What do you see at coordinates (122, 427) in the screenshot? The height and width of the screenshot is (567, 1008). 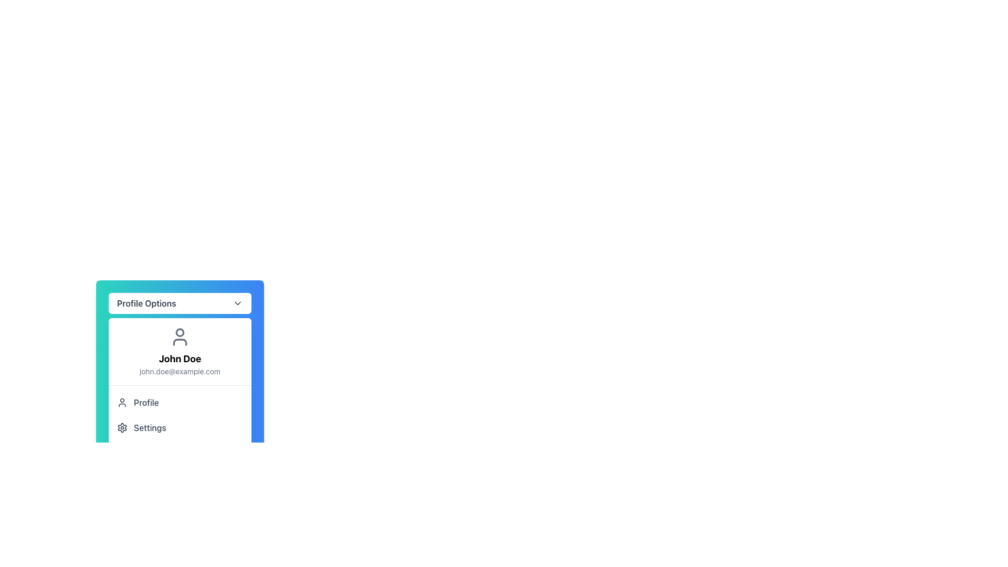 I see `the gear icon representing the settings symbol located in the bottom-left corner of the dropdown menu` at bounding box center [122, 427].